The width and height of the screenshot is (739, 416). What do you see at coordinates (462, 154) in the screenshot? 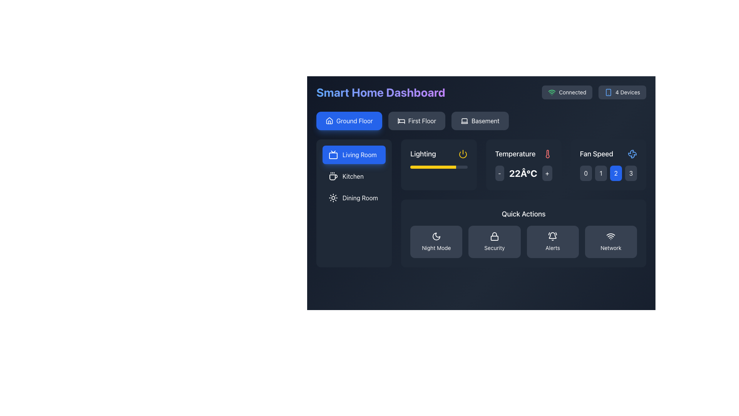
I see `the icon button located to the right of the 'Lighting' label` at bounding box center [462, 154].